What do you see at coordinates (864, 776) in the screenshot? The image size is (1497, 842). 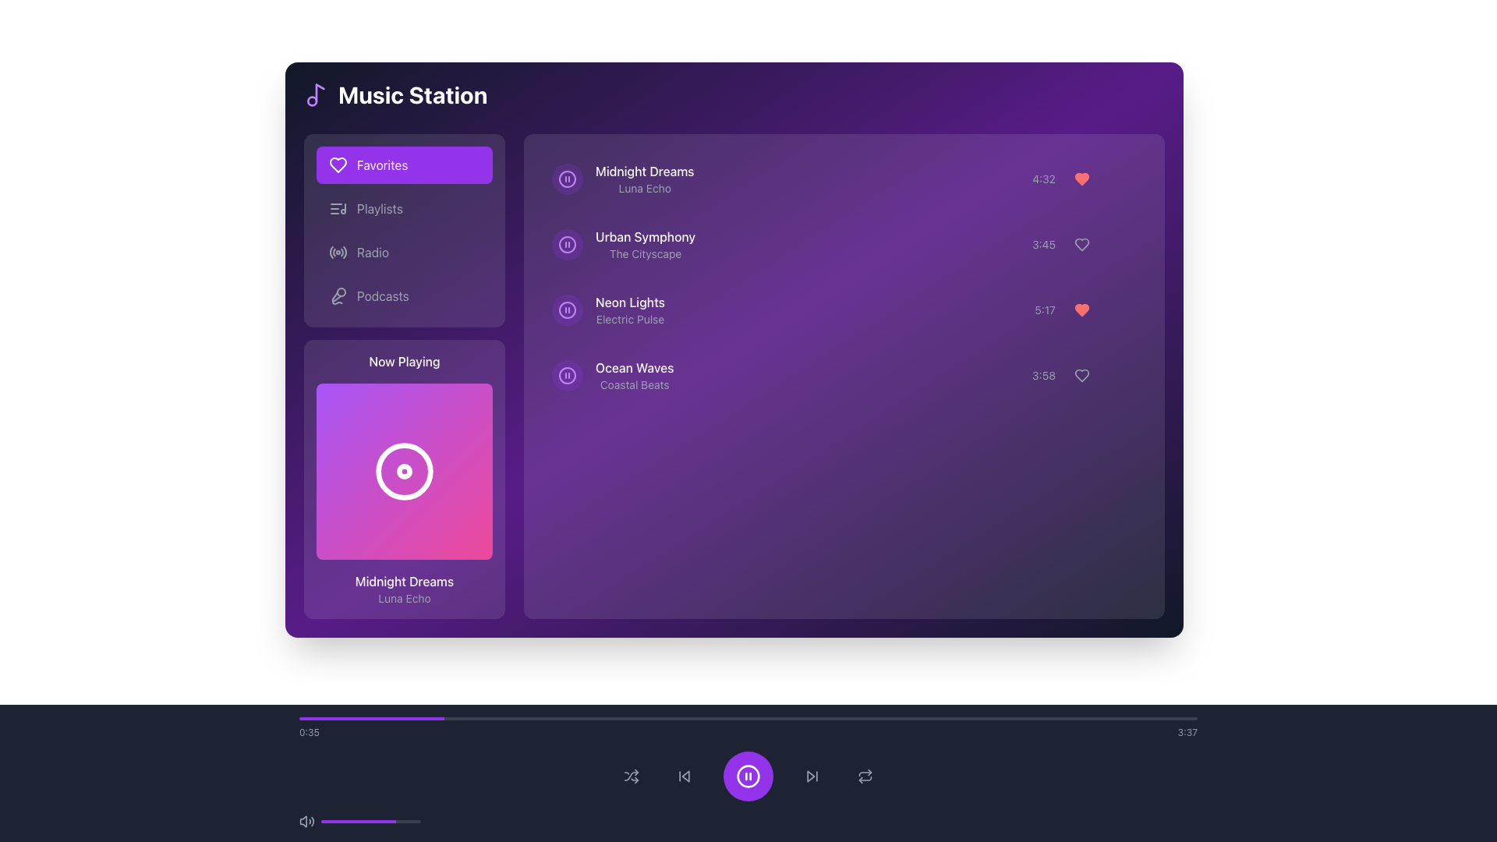 I see `the repeat button icon in the bottom control bar of the music player` at bounding box center [864, 776].